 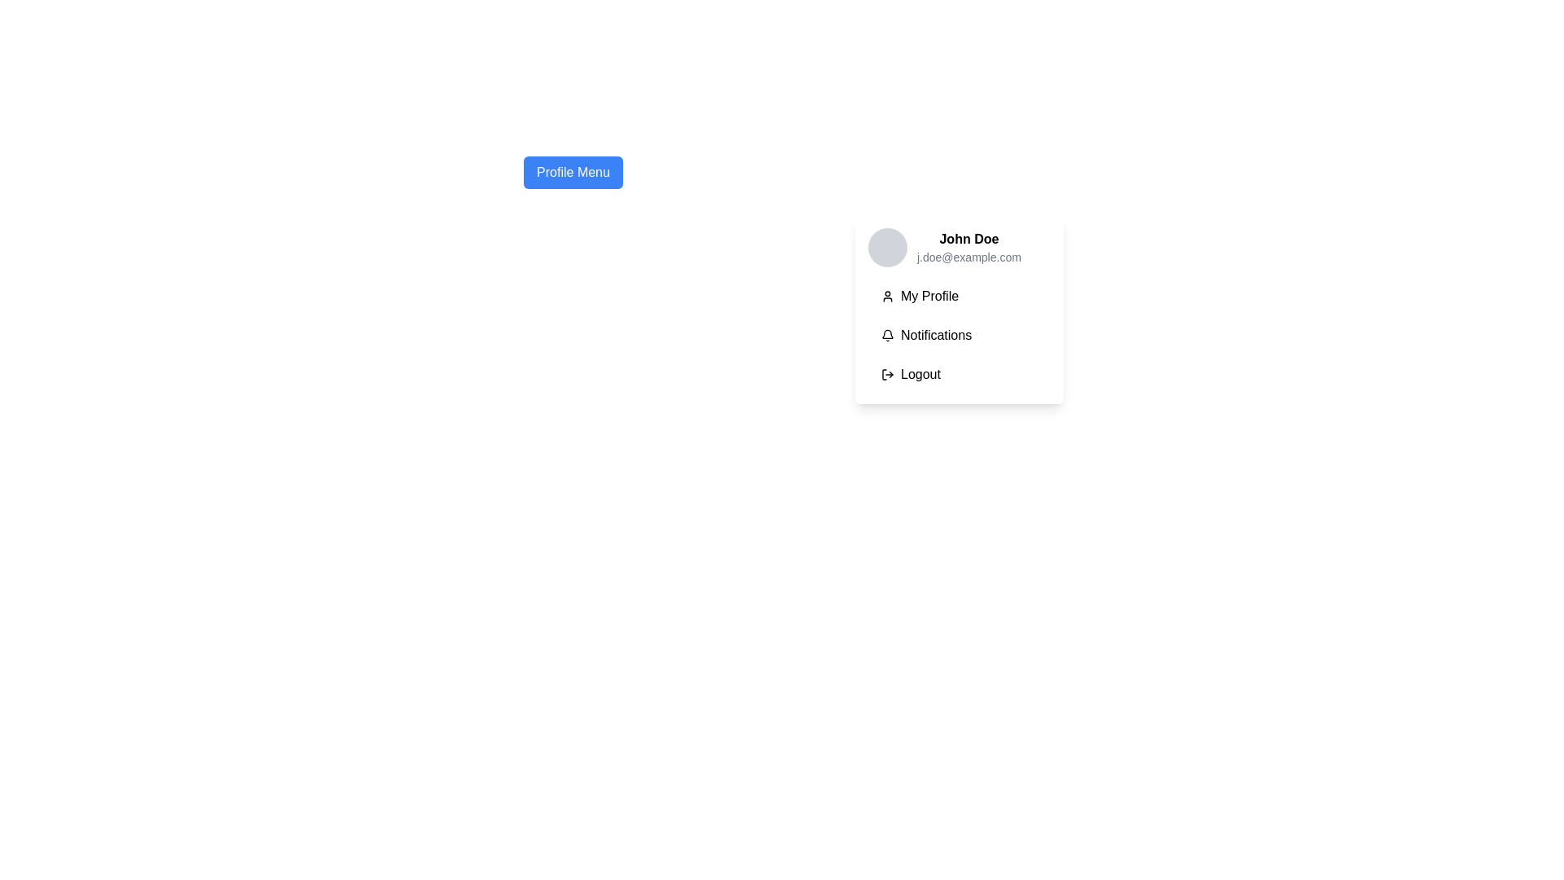 What do you see at coordinates (969, 239) in the screenshot?
I see `the user name text label that displays the user's identification in the profile menu, located above the email address 'j.doe@example.com' in the dropdown card` at bounding box center [969, 239].